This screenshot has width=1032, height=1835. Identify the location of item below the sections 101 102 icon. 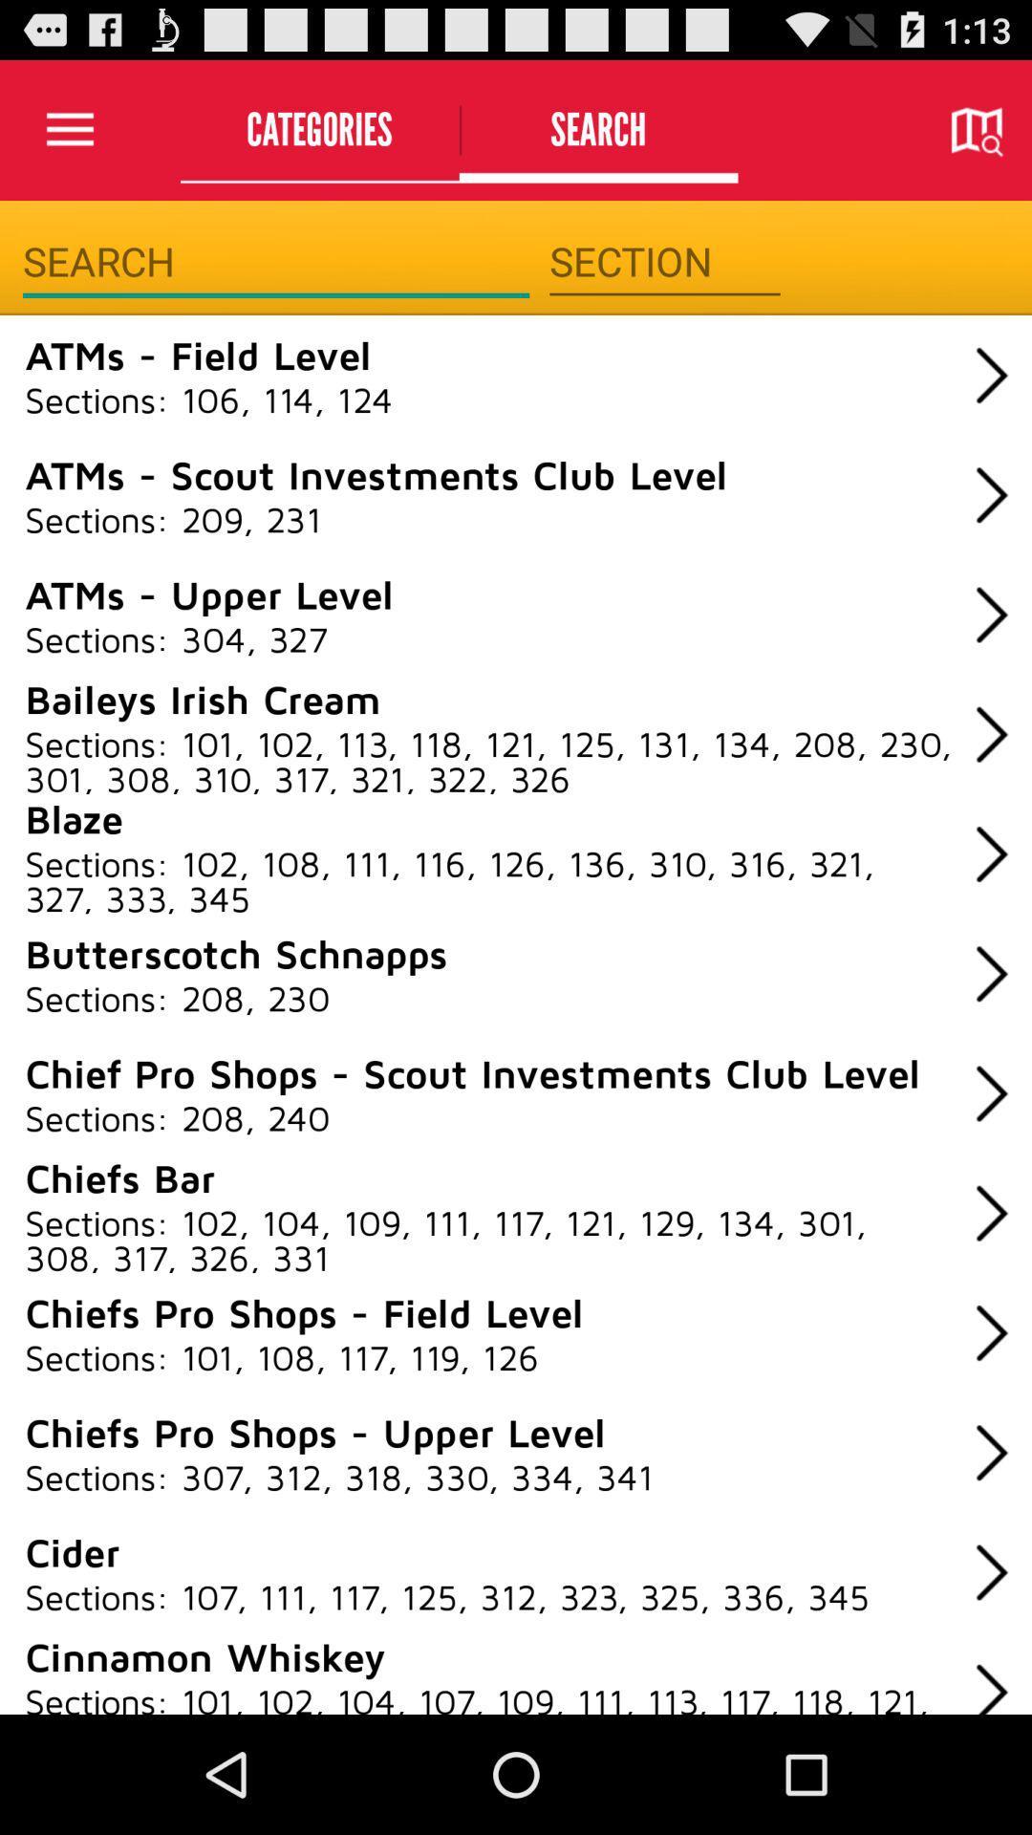
(73, 818).